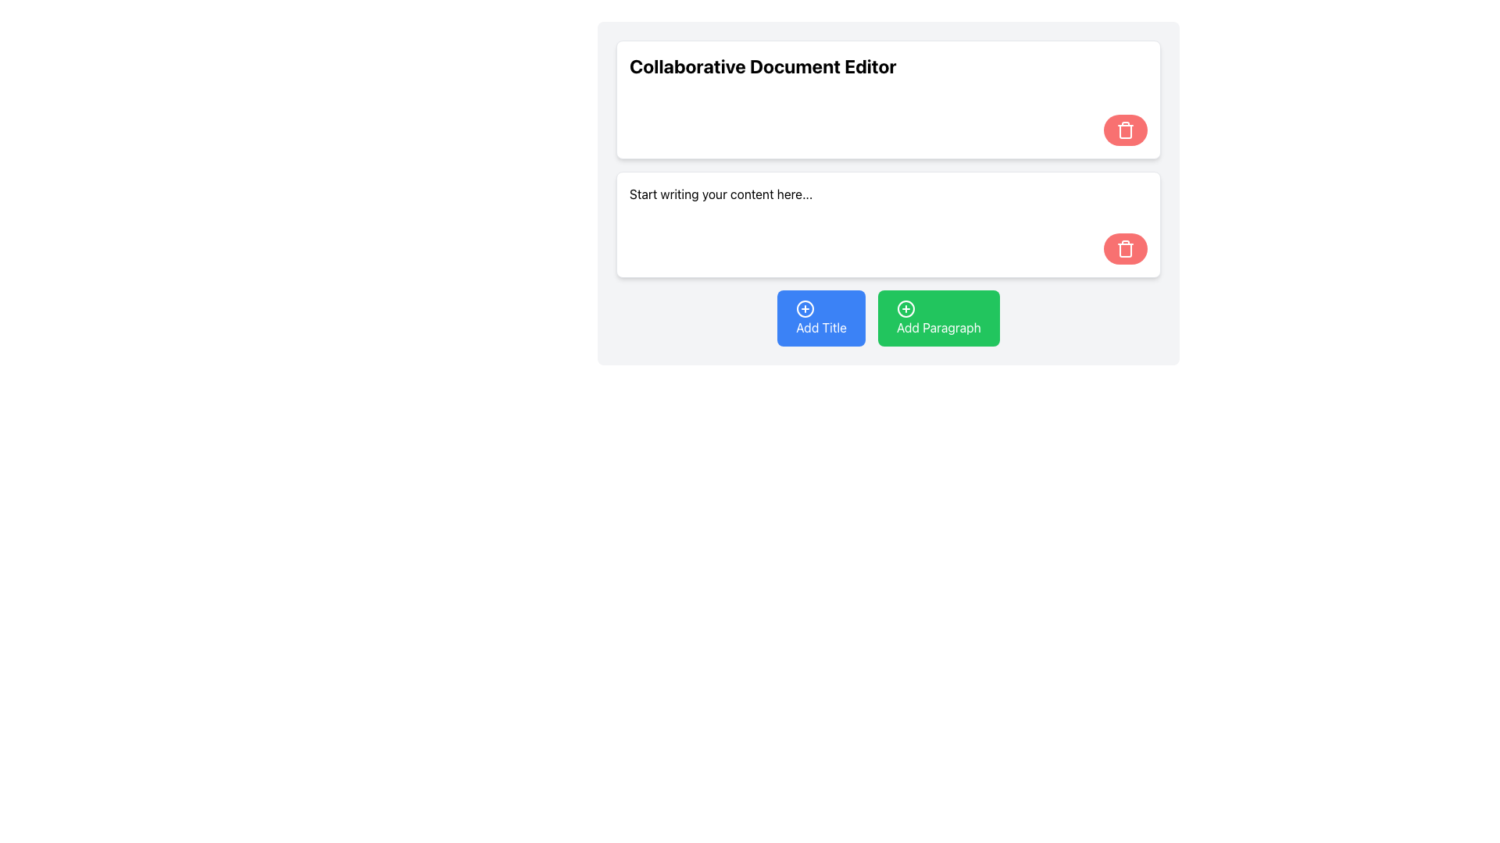 The height and width of the screenshot is (843, 1500). I want to click on the 'Collaborative Document Editor' text display element from its current position, so click(888, 78).